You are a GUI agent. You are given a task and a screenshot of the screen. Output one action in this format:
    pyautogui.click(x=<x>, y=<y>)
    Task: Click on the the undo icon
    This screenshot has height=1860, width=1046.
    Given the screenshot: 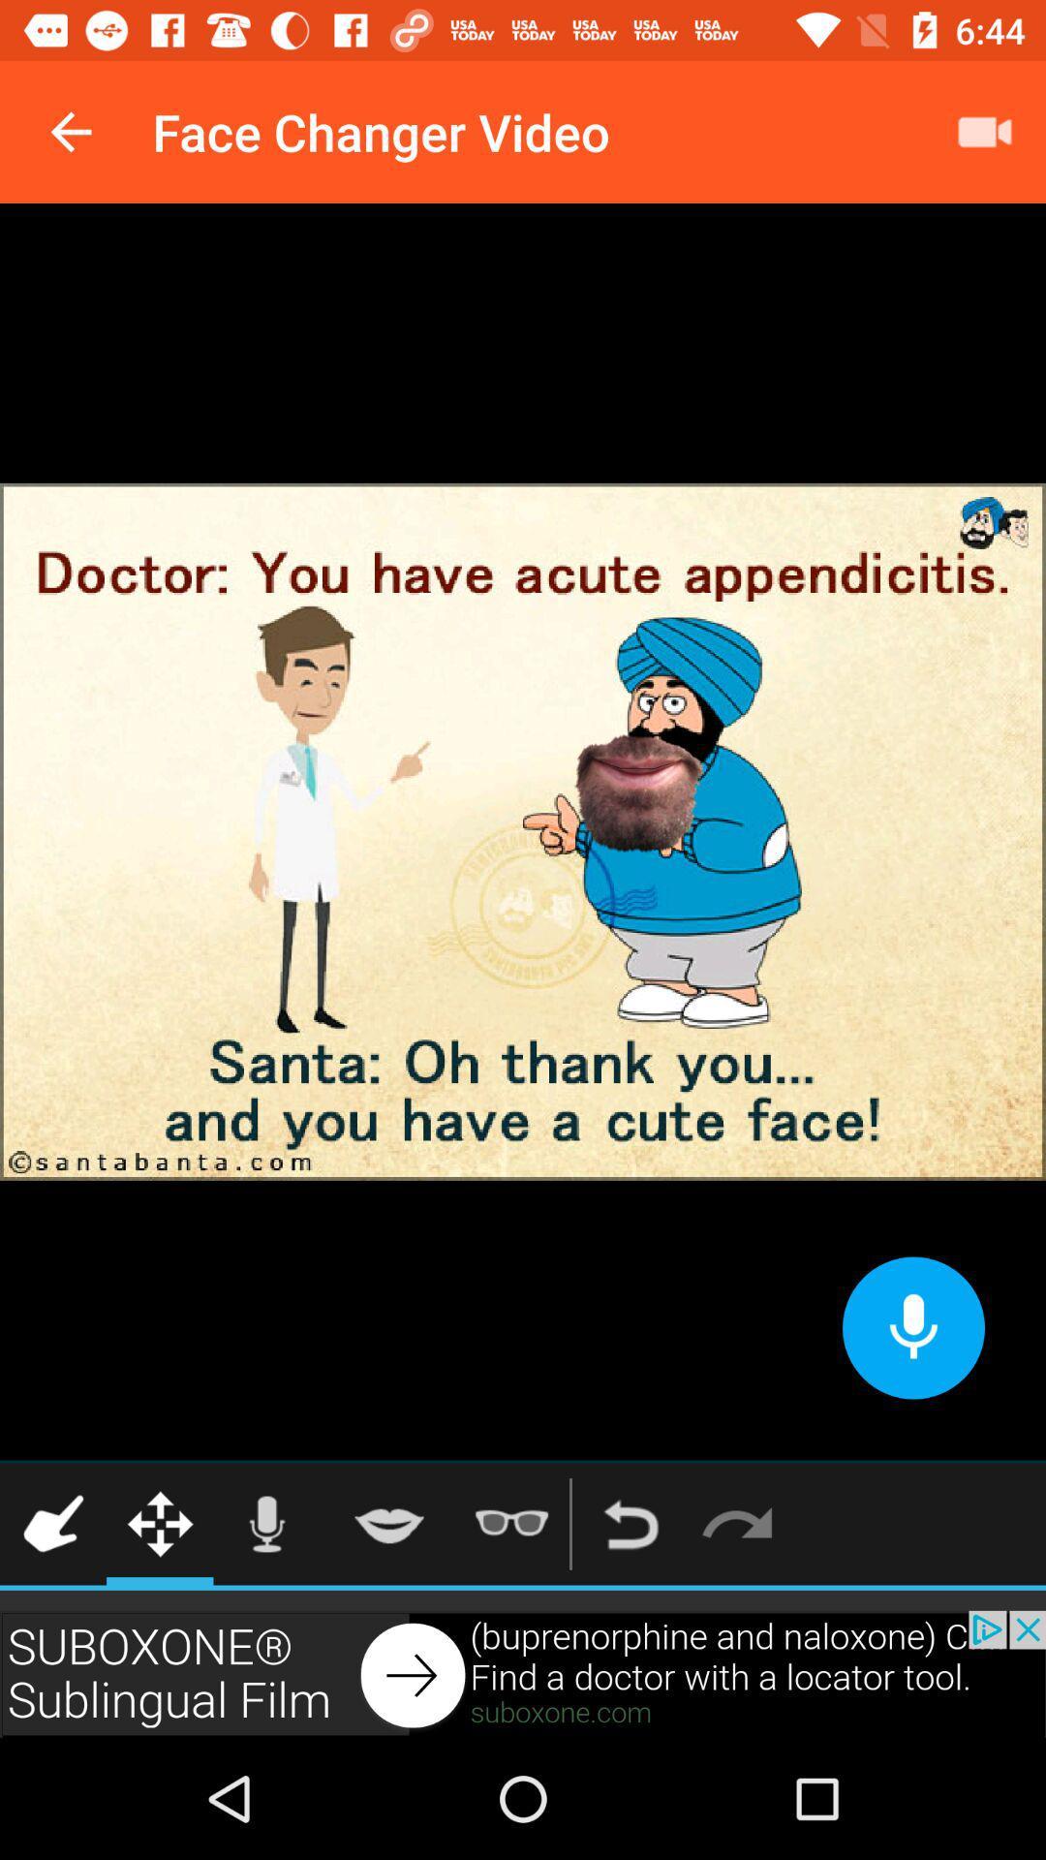 What is the action you would take?
    pyautogui.click(x=631, y=1523)
    